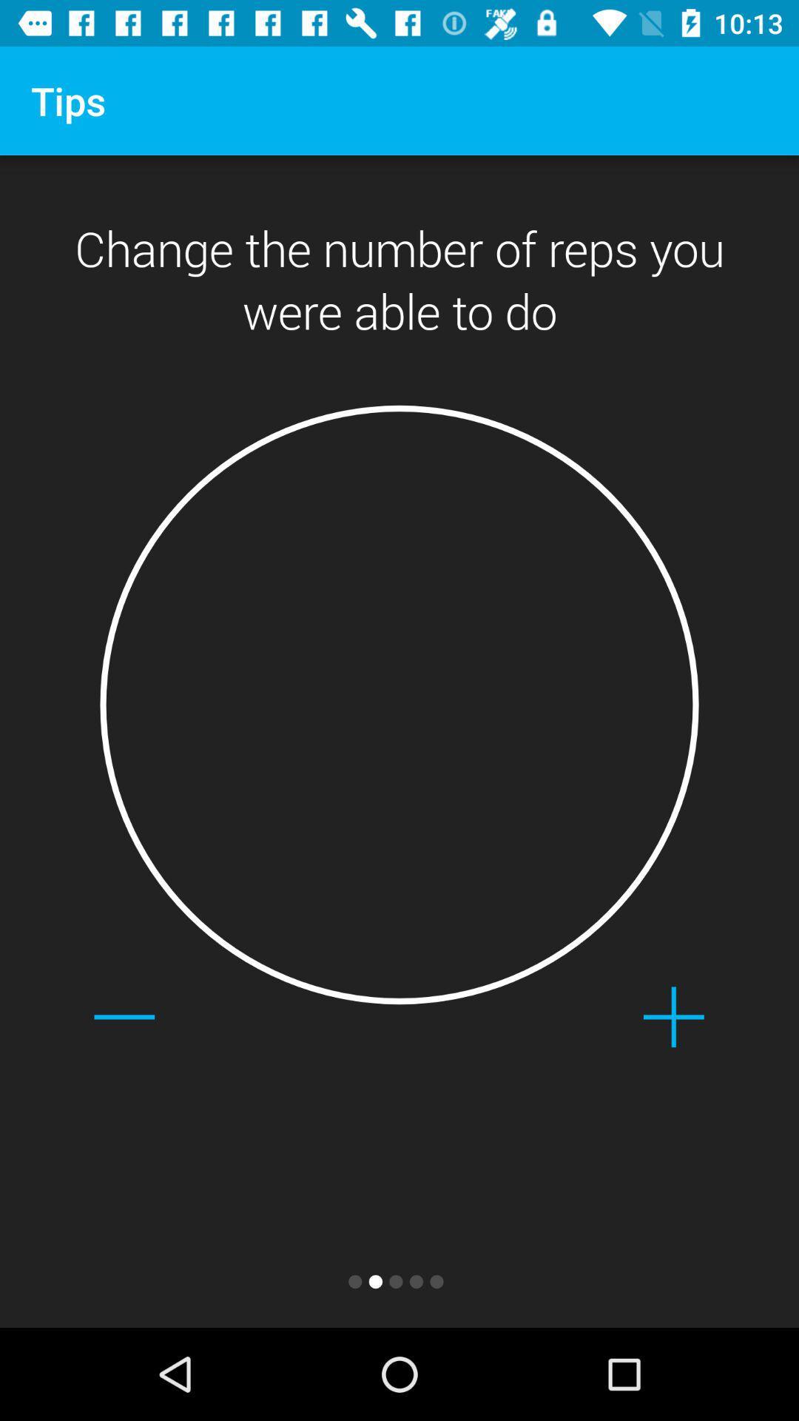 The width and height of the screenshot is (799, 1421). Describe the element at coordinates (673, 1016) in the screenshot. I see `icon below change the number item` at that location.